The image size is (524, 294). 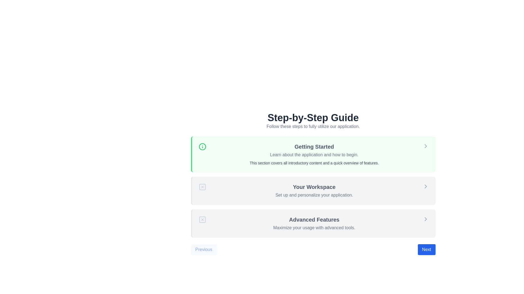 What do you see at coordinates (314, 146) in the screenshot?
I see `prominent gray text label that says 'Getting Started', which serves as a section header in the light green background of the guide layout` at bounding box center [314, 146].